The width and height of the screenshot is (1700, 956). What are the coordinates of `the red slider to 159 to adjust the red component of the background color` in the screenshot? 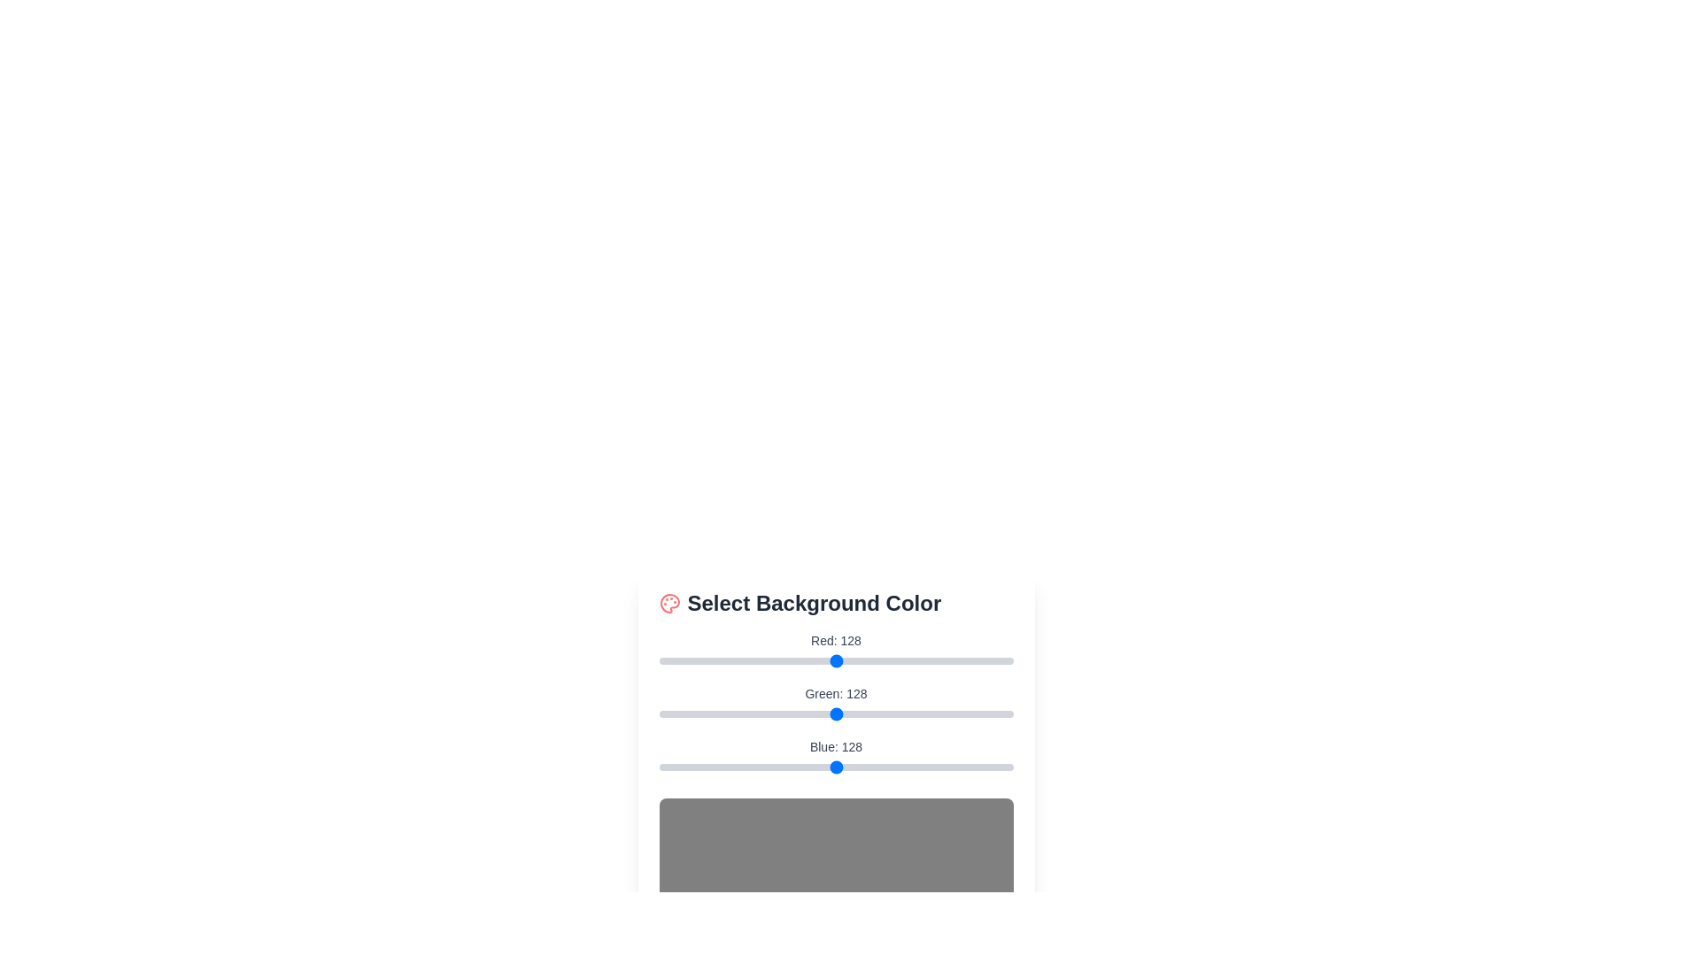 It's located at (879, 661).